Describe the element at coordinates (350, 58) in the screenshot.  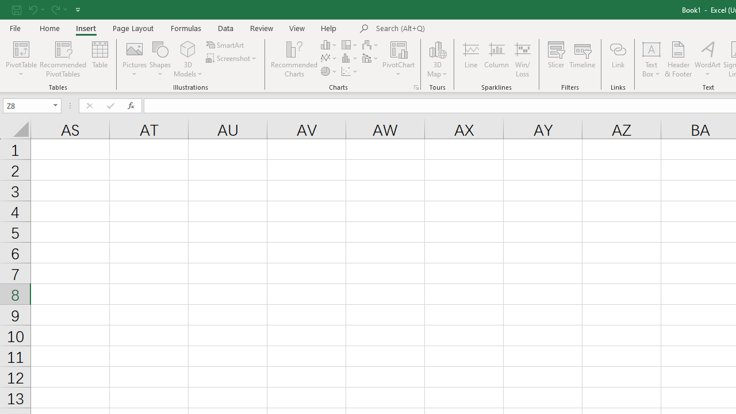
I see `'Insert Statistic Chart'` at that location.